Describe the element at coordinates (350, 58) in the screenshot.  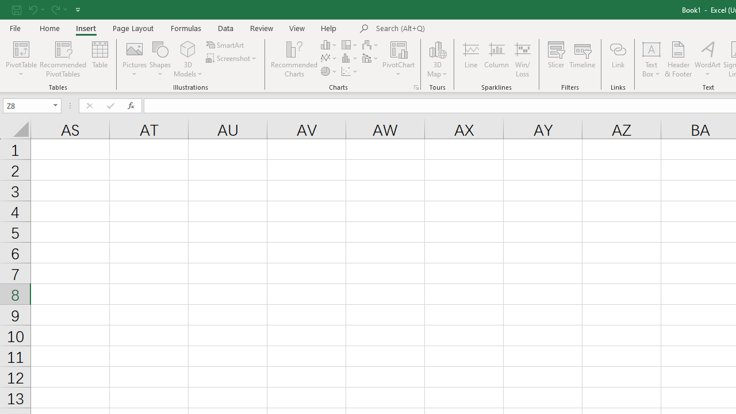
I see `'Insert Statistic Chart'` at that location.